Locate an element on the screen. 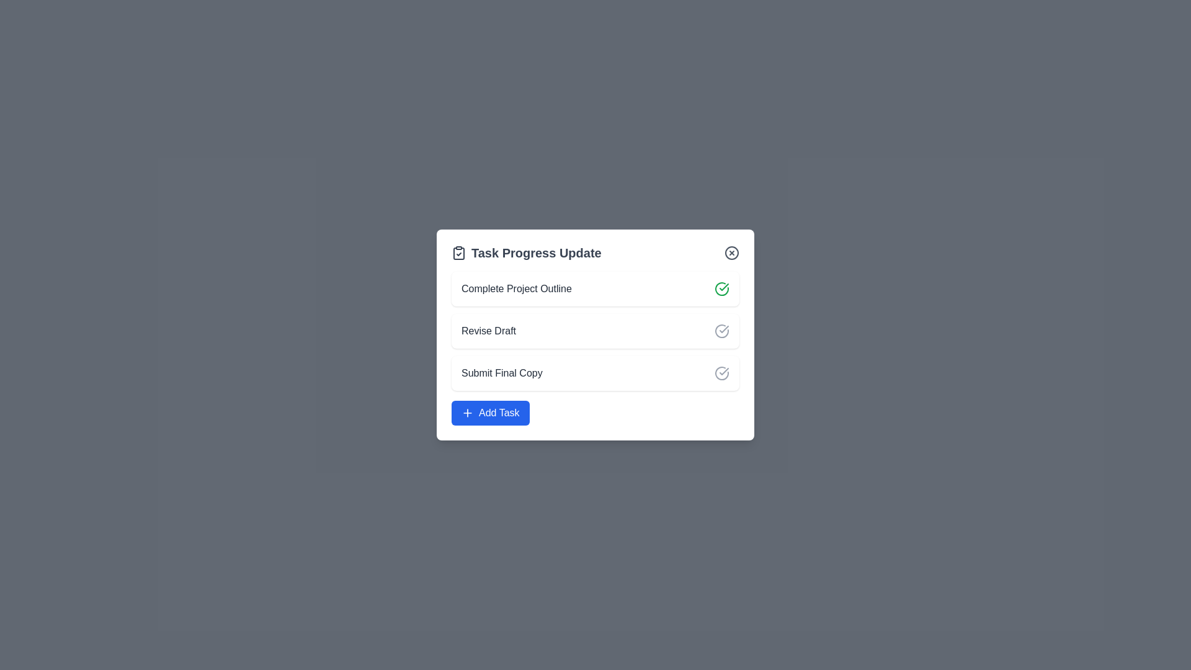  the Close button, which is a circular icon with a cross inside, located in the top-right corner of the 'Task Progress Update' section is located at coordinates (732, 252).